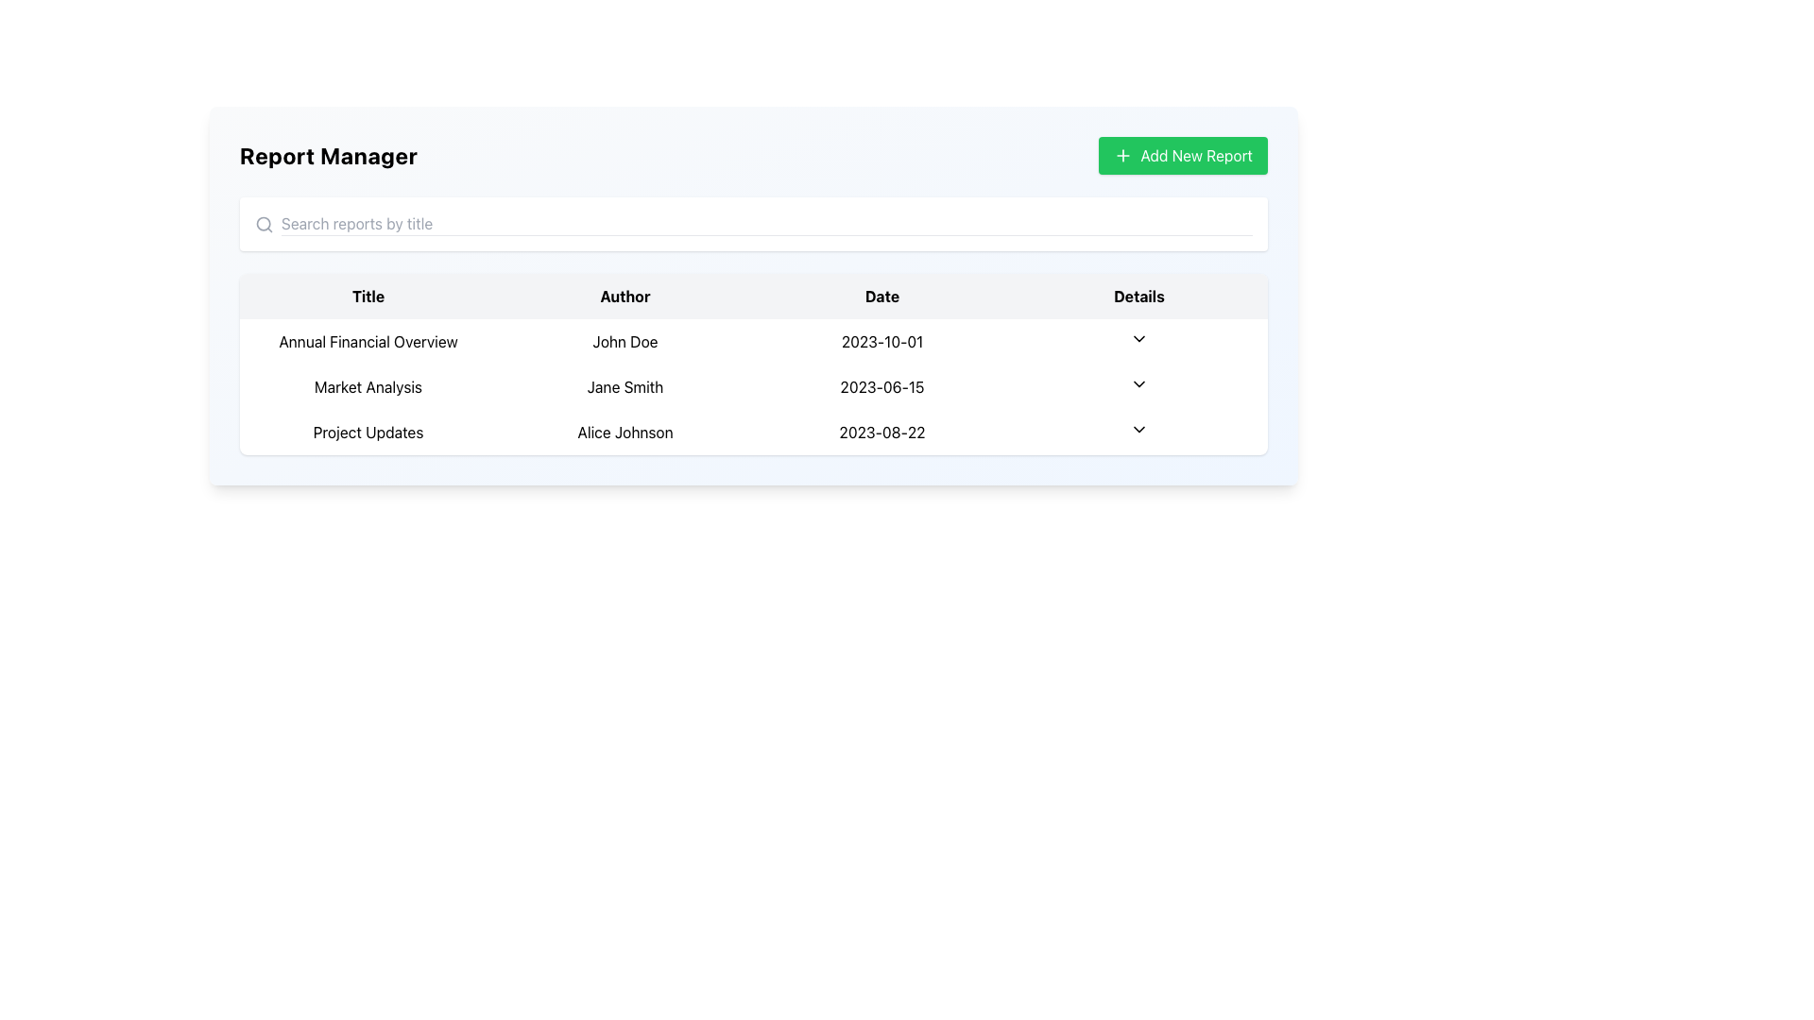 The image size is (1814, 1020). I want to click on the first row in the 'Report Manager' table containing the title 'Annual Financial Overview', the author 'John Doe', and the date '2023-10-01', so click(752, 342).